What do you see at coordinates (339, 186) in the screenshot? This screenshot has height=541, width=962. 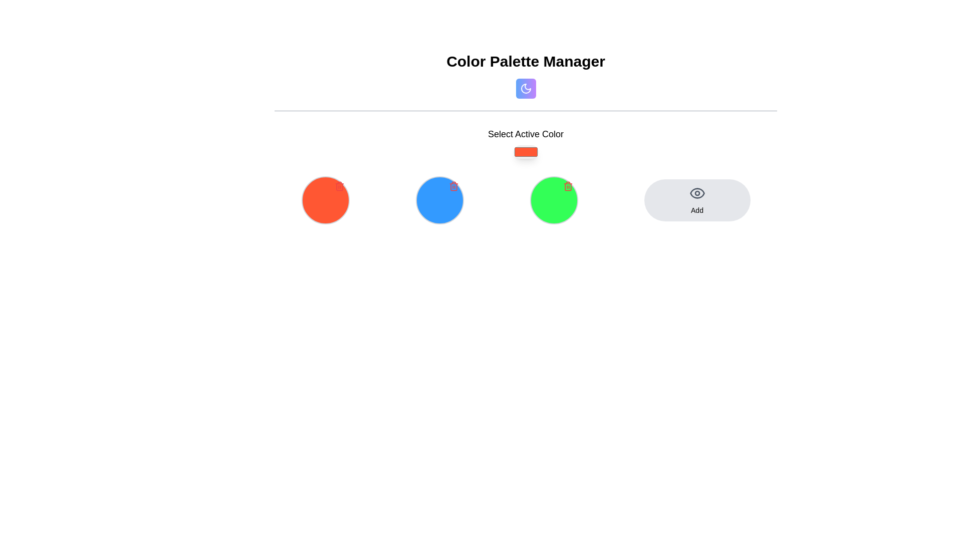 I see `the delete icon located at the top-right corner of the leftmost circular color palette item` at bounding box center [339, 186].